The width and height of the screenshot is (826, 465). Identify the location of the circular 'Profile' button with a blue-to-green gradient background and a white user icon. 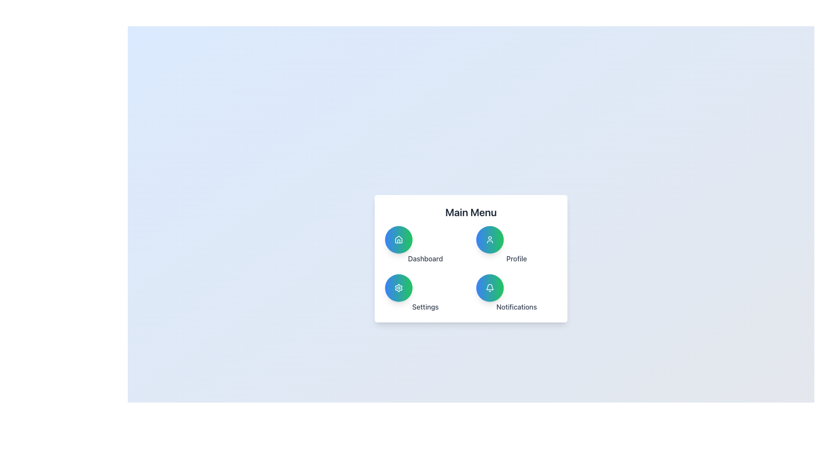
(490, 239).